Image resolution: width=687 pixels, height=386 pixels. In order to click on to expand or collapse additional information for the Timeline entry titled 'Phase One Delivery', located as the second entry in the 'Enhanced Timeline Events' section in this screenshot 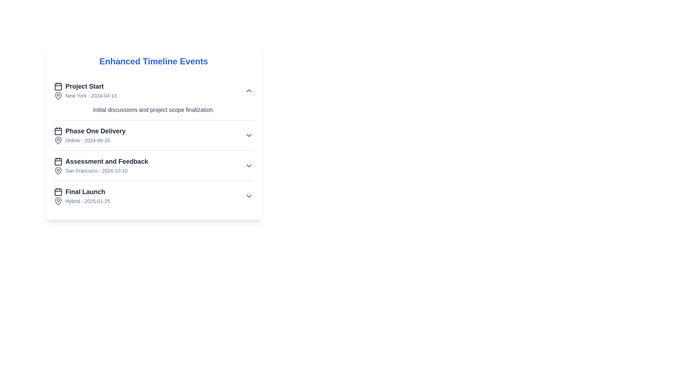, I will do `click(153, 143)`.